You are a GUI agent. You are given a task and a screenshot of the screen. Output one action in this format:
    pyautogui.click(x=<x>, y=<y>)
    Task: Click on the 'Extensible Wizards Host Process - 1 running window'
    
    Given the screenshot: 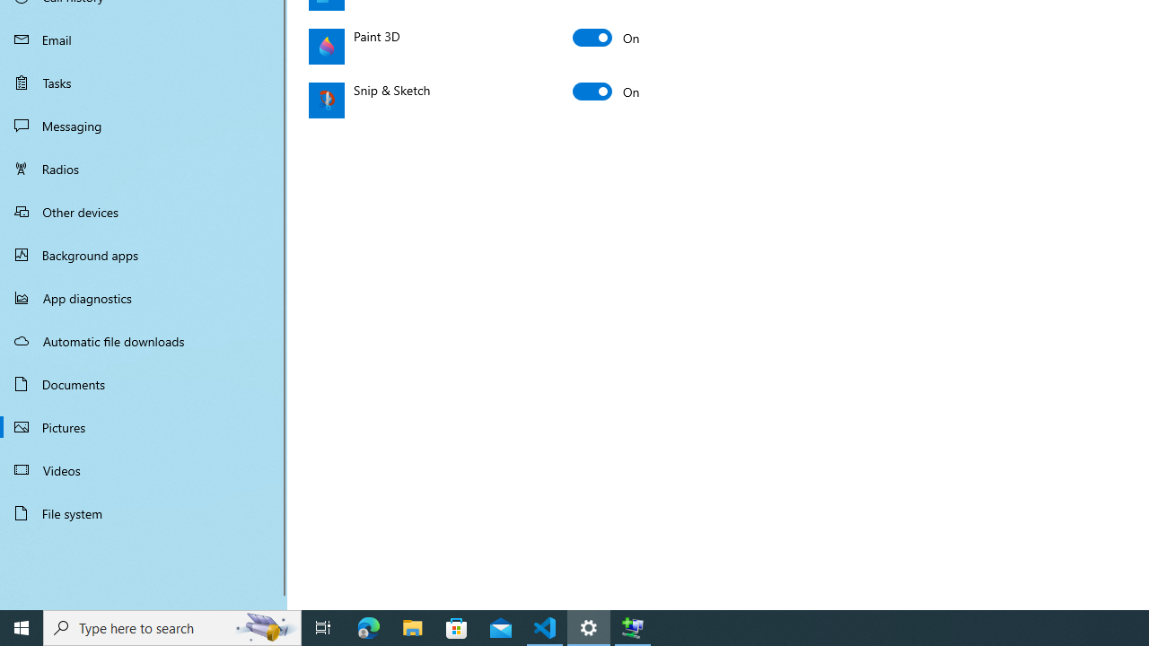 What is the action you would take?
    pyautogui.click(x=633, y=626)
    